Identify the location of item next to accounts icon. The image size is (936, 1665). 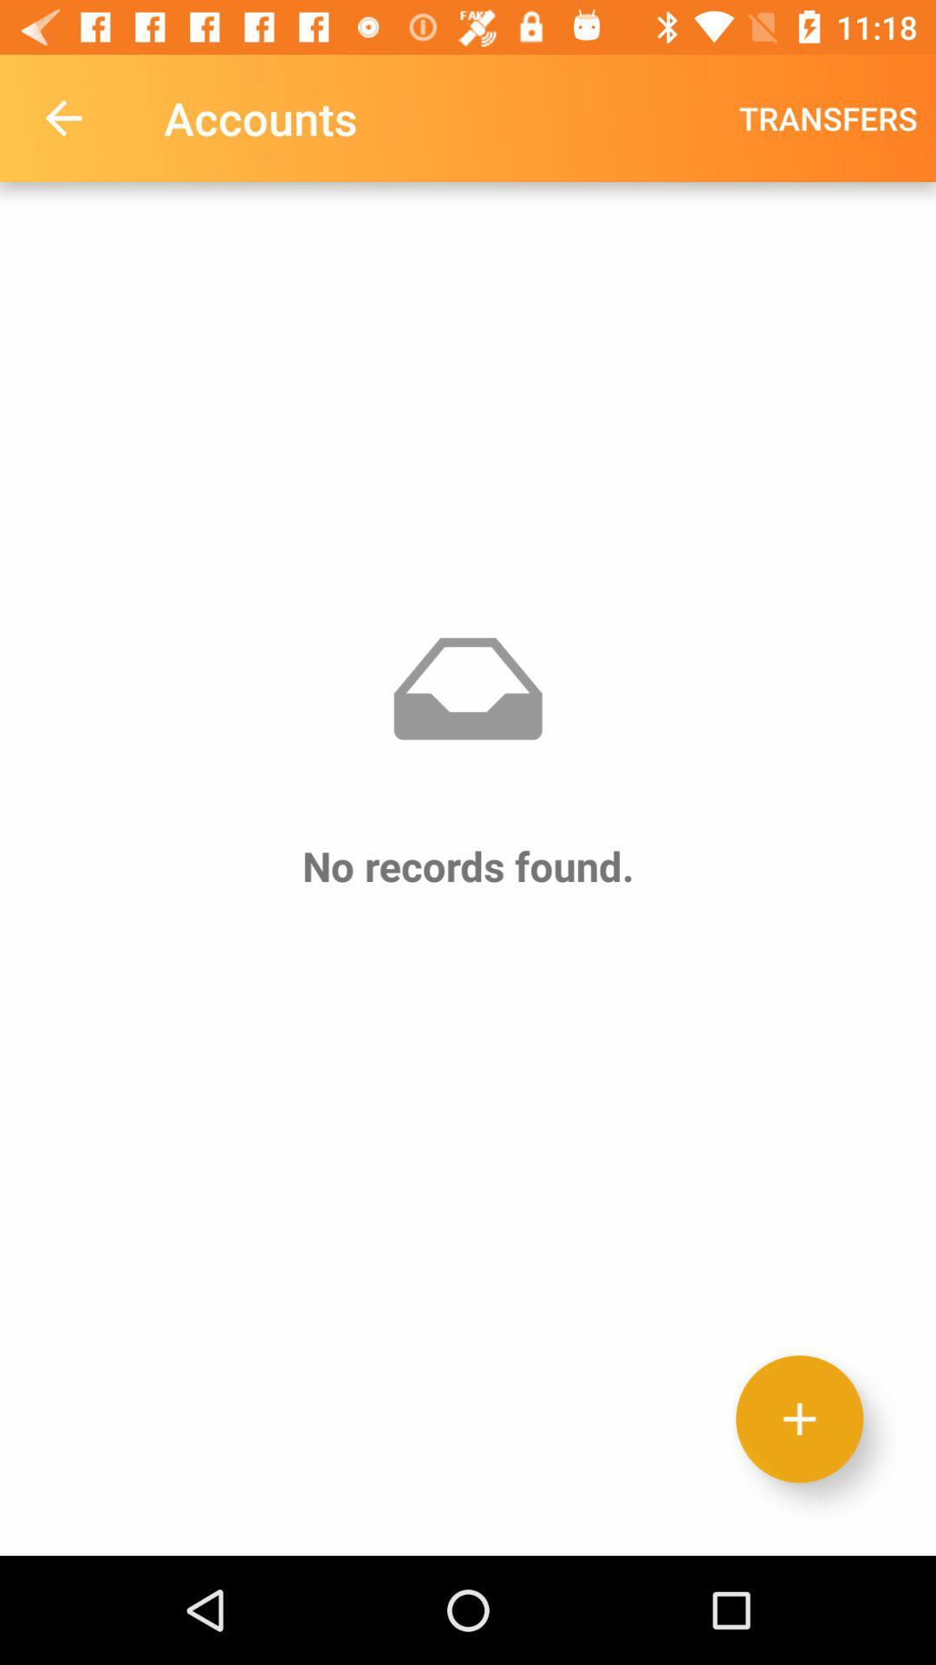
(62, 117).